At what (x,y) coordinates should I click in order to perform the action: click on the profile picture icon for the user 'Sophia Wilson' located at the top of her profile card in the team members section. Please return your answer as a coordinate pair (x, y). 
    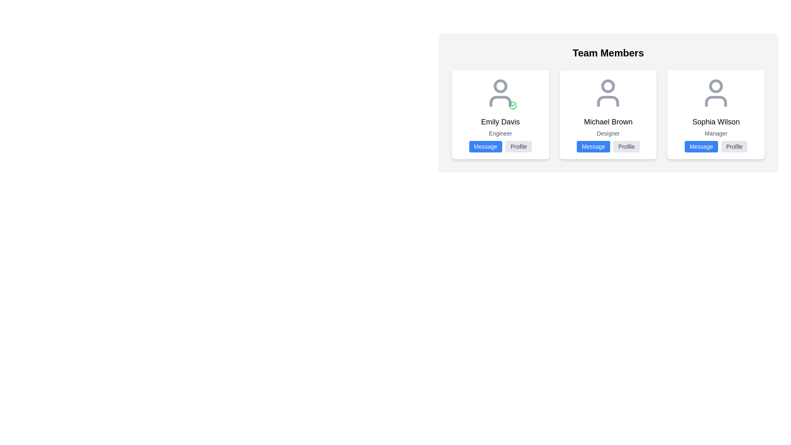
    Looking at the image, I should click on (715, 86).